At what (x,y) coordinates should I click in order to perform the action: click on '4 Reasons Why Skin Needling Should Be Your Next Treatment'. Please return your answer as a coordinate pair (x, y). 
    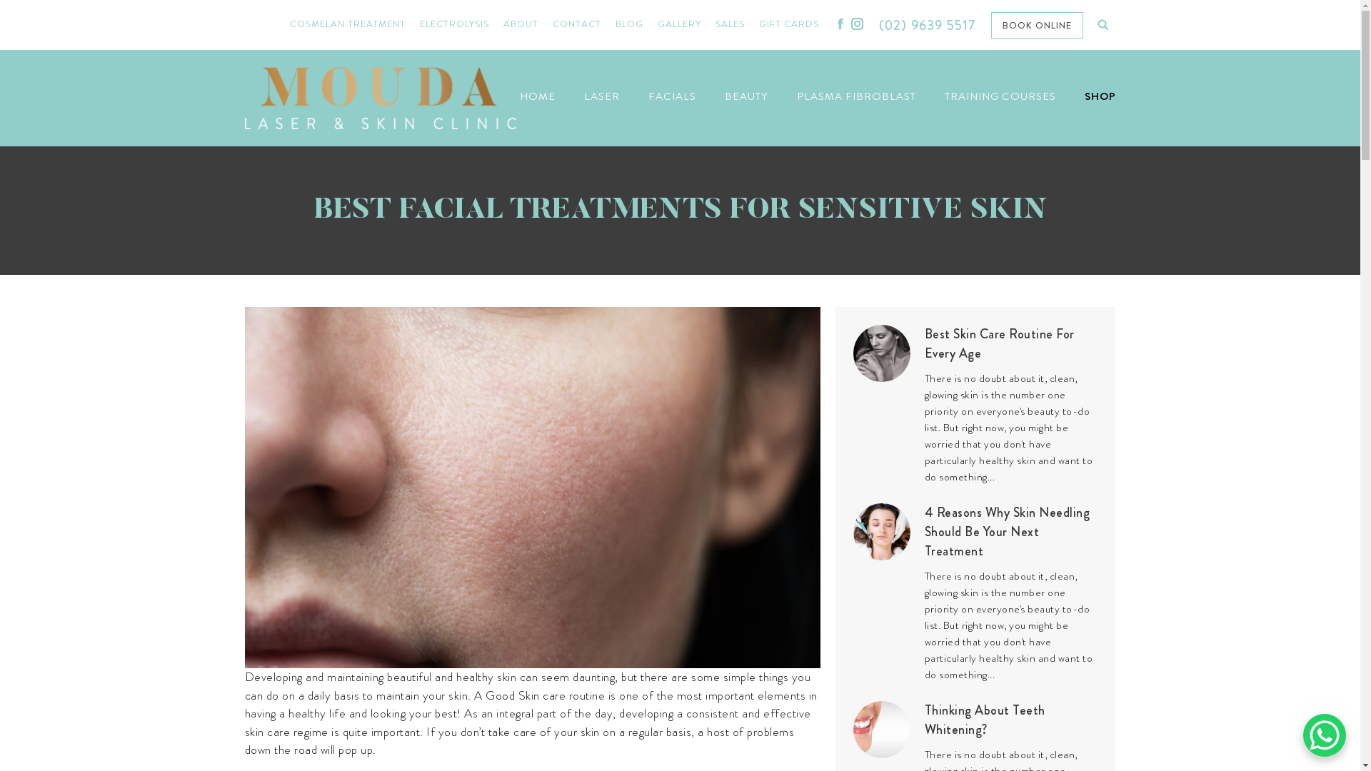
    Looking at the image, I should click on (1010, 532).